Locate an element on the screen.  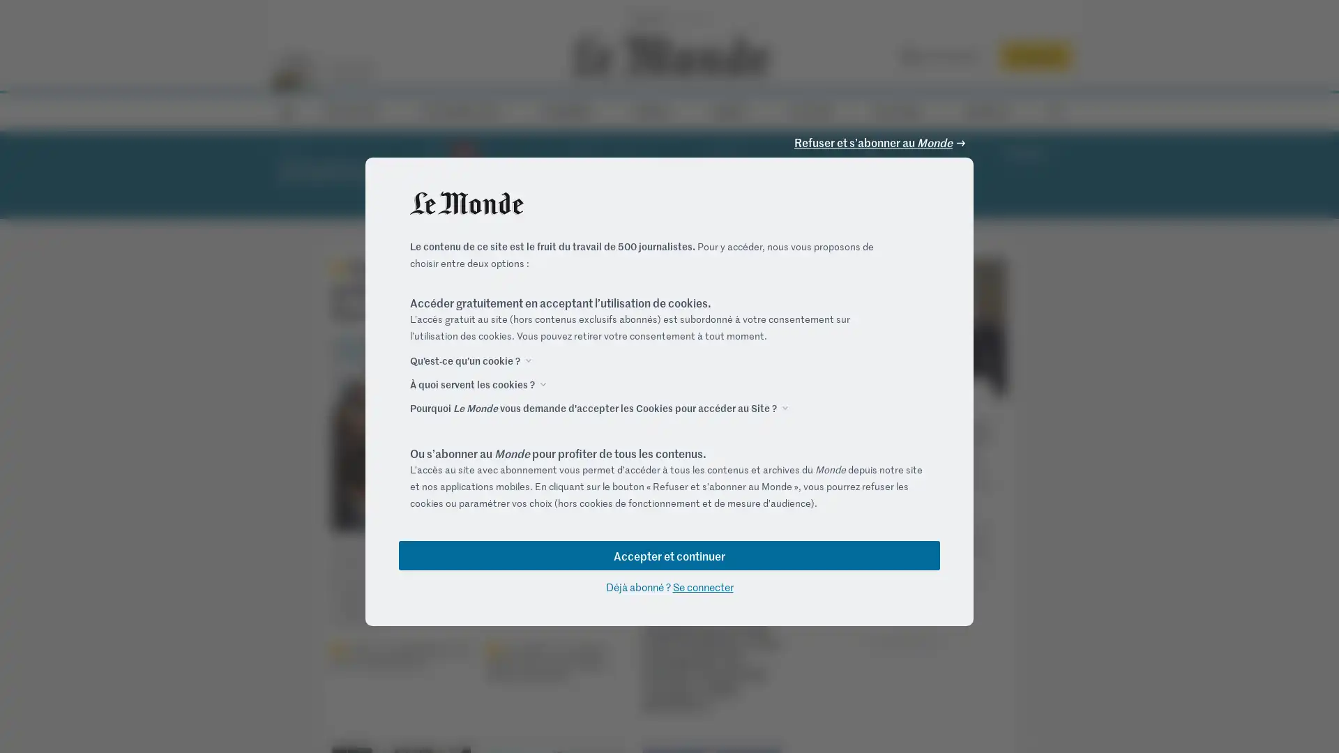
M LE MAG is located at coordinates (904, 110).